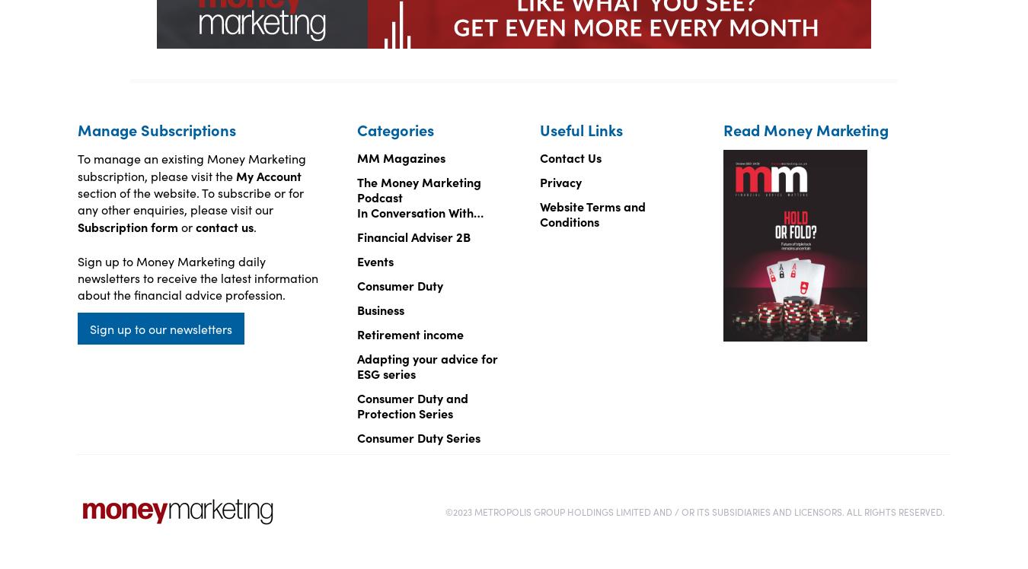 The image size is (1028, 569). What do you see at coordinates (580, 127) in the screenshot?
I see `'Useful Links'` at bounding box center [580, 127].